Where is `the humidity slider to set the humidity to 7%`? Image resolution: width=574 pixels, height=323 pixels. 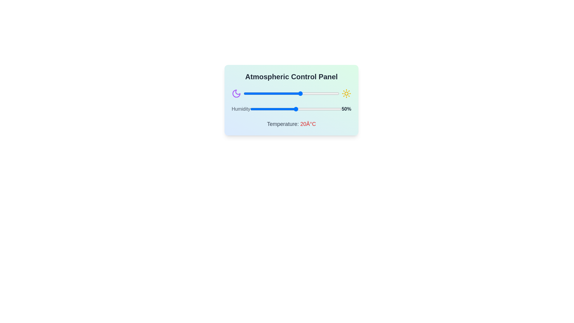 the humidity slider to set the humidity to 7% is located at coordinates (257, 109).